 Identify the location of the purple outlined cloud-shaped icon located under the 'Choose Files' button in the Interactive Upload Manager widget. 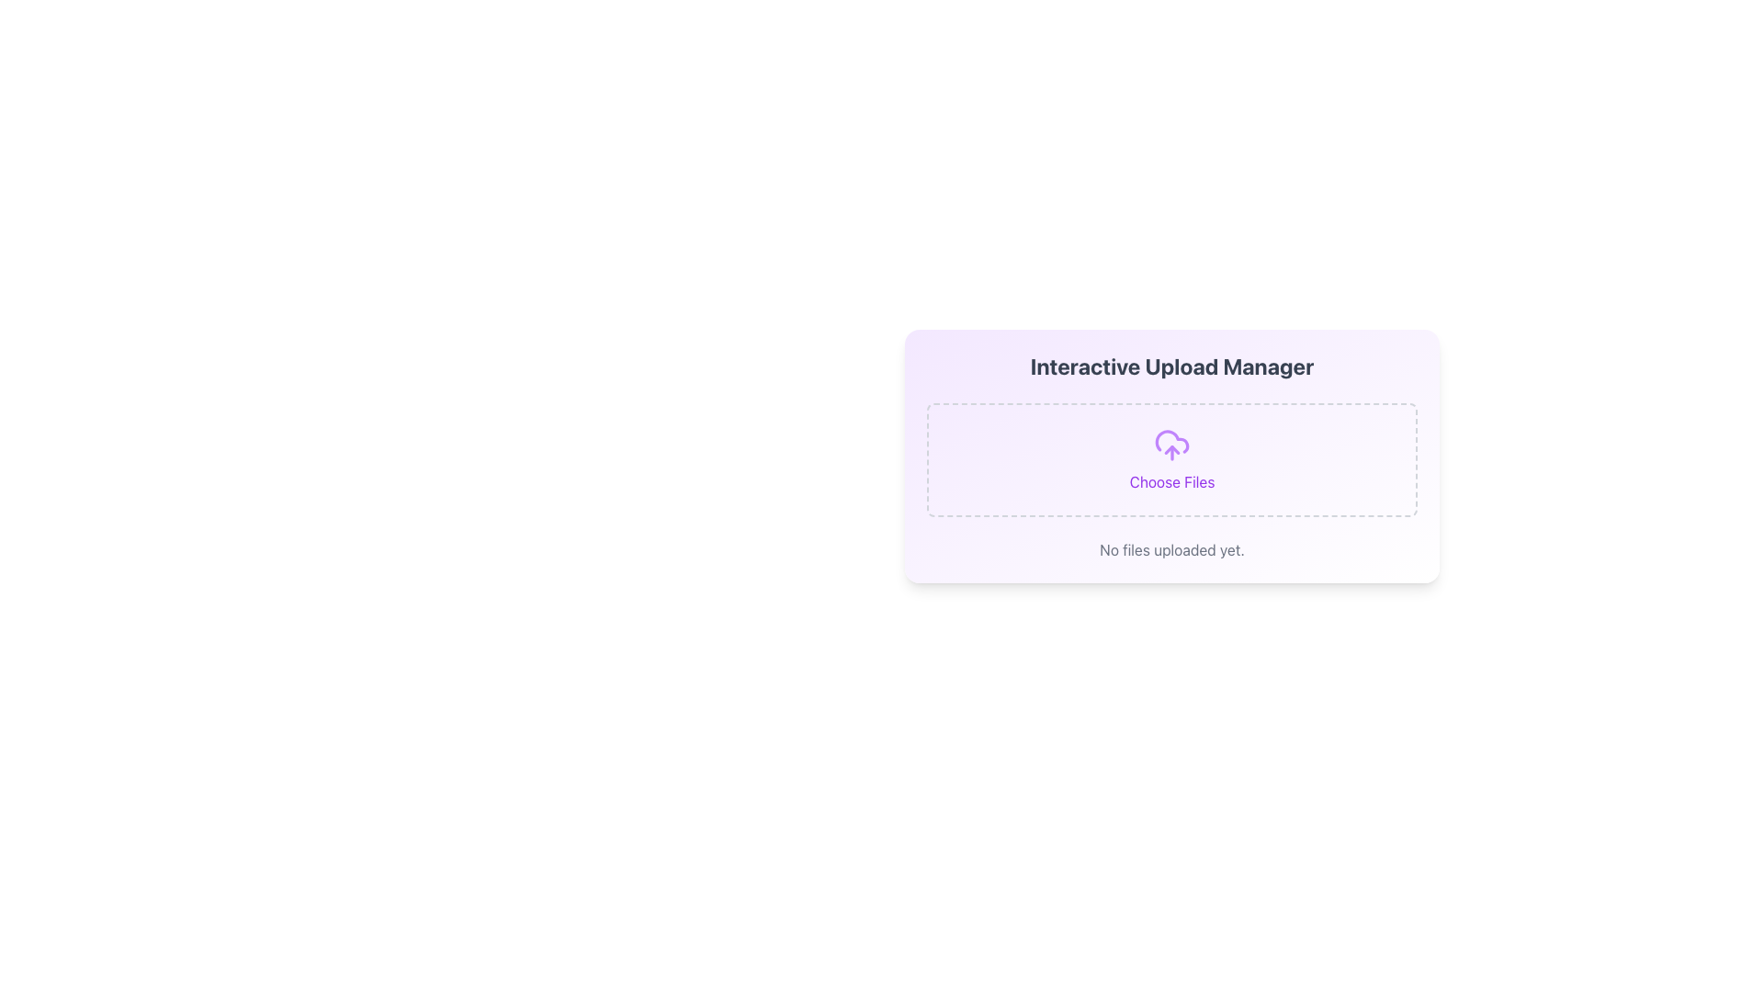
(1171, 442).